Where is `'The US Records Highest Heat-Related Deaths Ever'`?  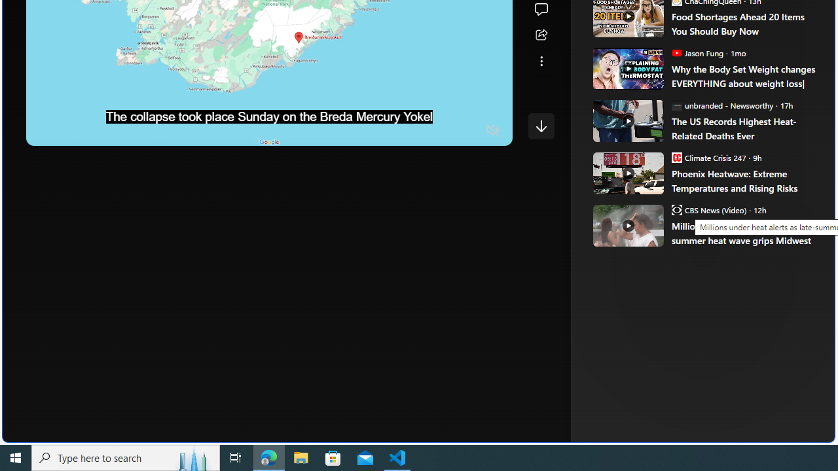 'The US Records Highest Heat-Related Deaths Ever' is located at coordinates (744, 128).